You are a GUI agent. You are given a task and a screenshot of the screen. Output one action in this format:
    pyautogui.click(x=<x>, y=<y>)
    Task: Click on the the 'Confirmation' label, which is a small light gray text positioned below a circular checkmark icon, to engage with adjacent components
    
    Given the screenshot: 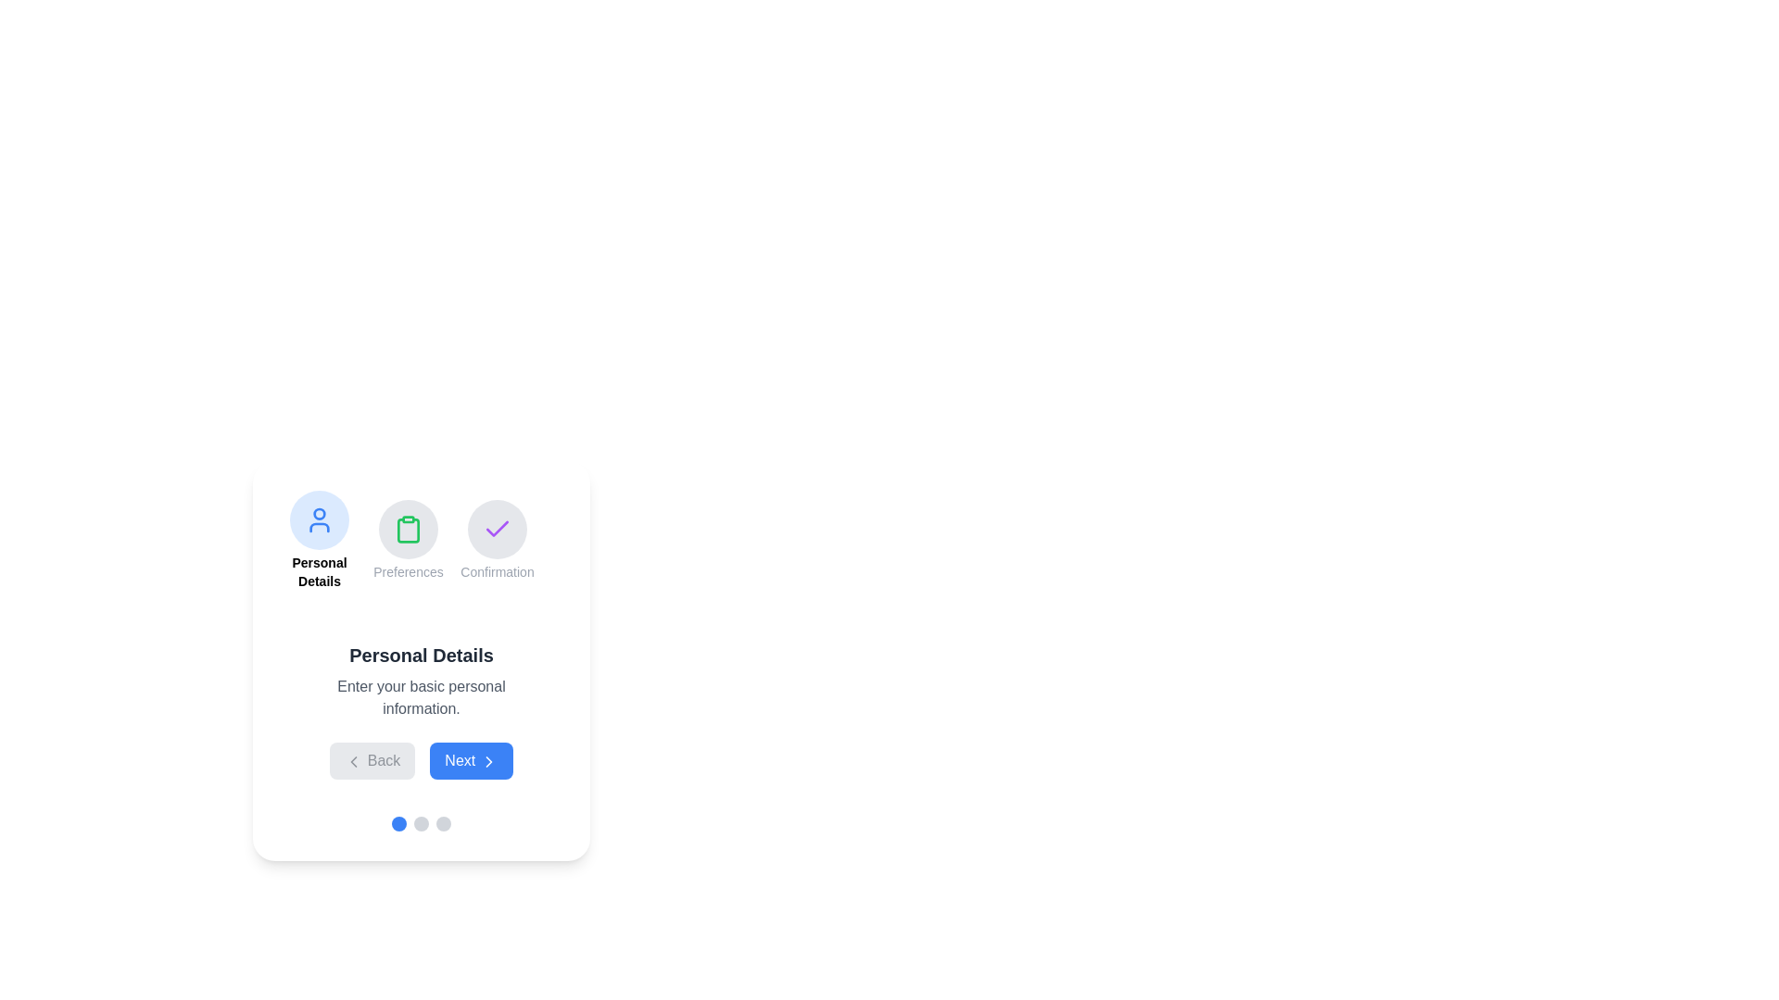 What is the action you would take?
    pyautogui.click(x=498, y=570)
    